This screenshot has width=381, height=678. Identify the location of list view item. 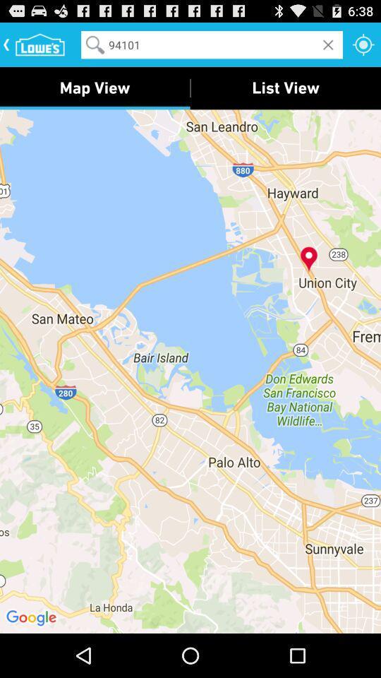
(286, 87).